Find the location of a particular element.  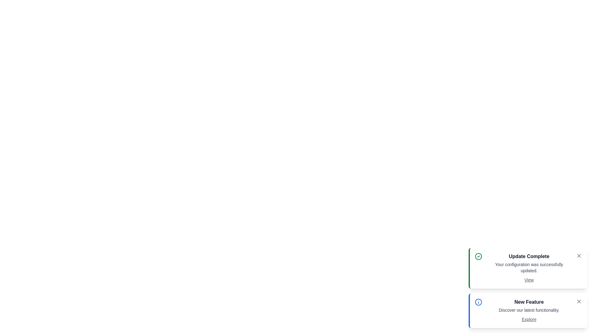

the action link View in the notification bar is located at coordinates (529, 280).